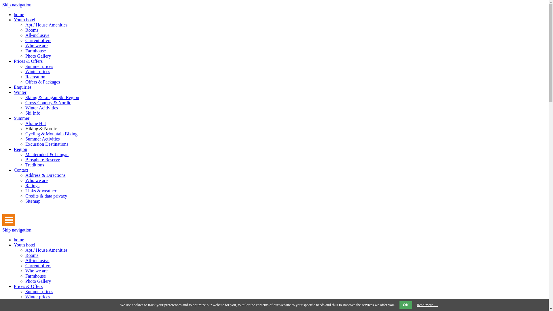 This screenshot has width=553, height=311. I want to click on 'Ratings', so click(25, 185).